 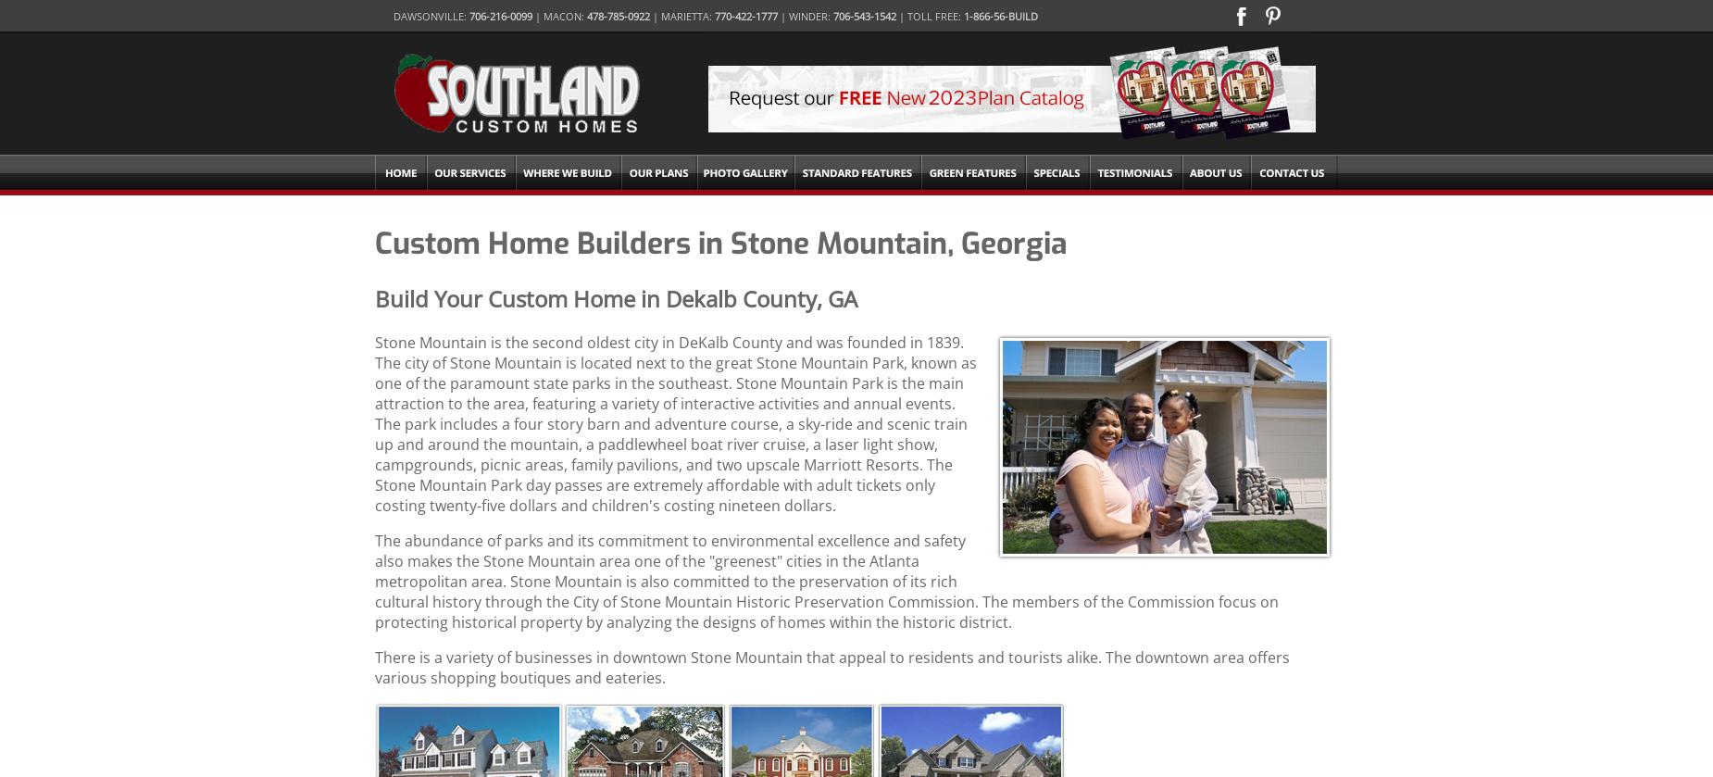 I want to click on '706-543-1542', so click(x=864, y=16).